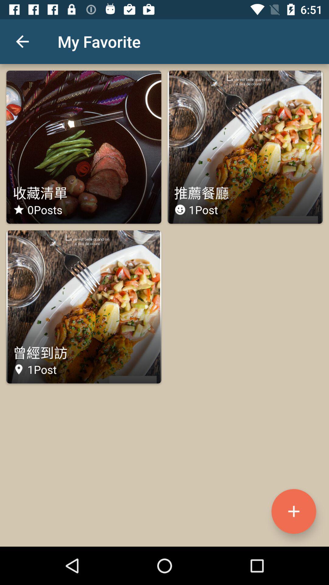  Describe the element at coordinates (293, 511) in the screenshot. I see `the add icon` at that location.